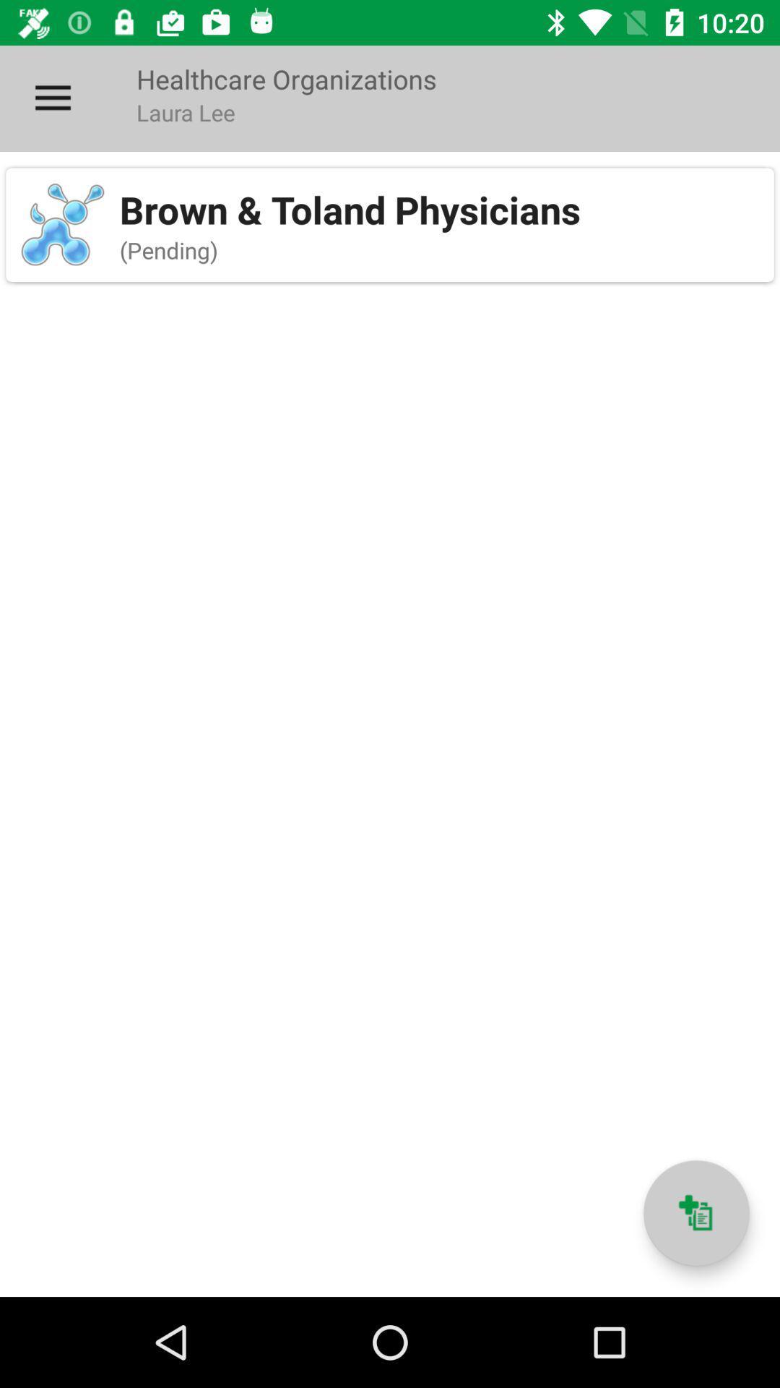 The image size is (780, 1388). What do you see at coordinates (695, 1213) in the screenshot?
I see `icon at the bottom right corner` at bounding box center [695, 1213].